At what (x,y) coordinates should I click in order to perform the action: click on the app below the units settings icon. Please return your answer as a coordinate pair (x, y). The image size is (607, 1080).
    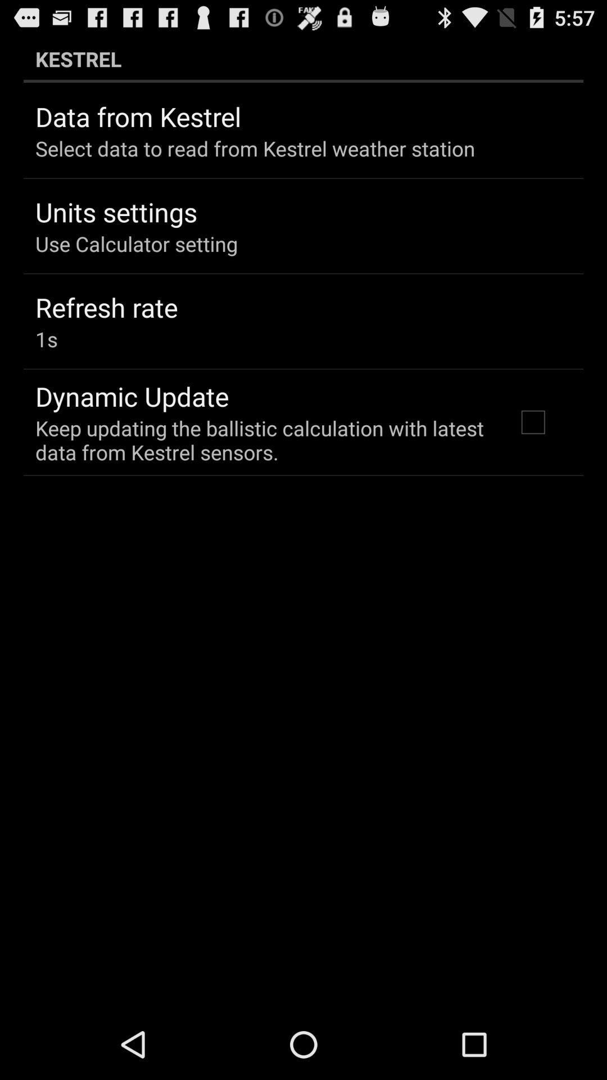
    Looking at the image, I should click on (136, 243).